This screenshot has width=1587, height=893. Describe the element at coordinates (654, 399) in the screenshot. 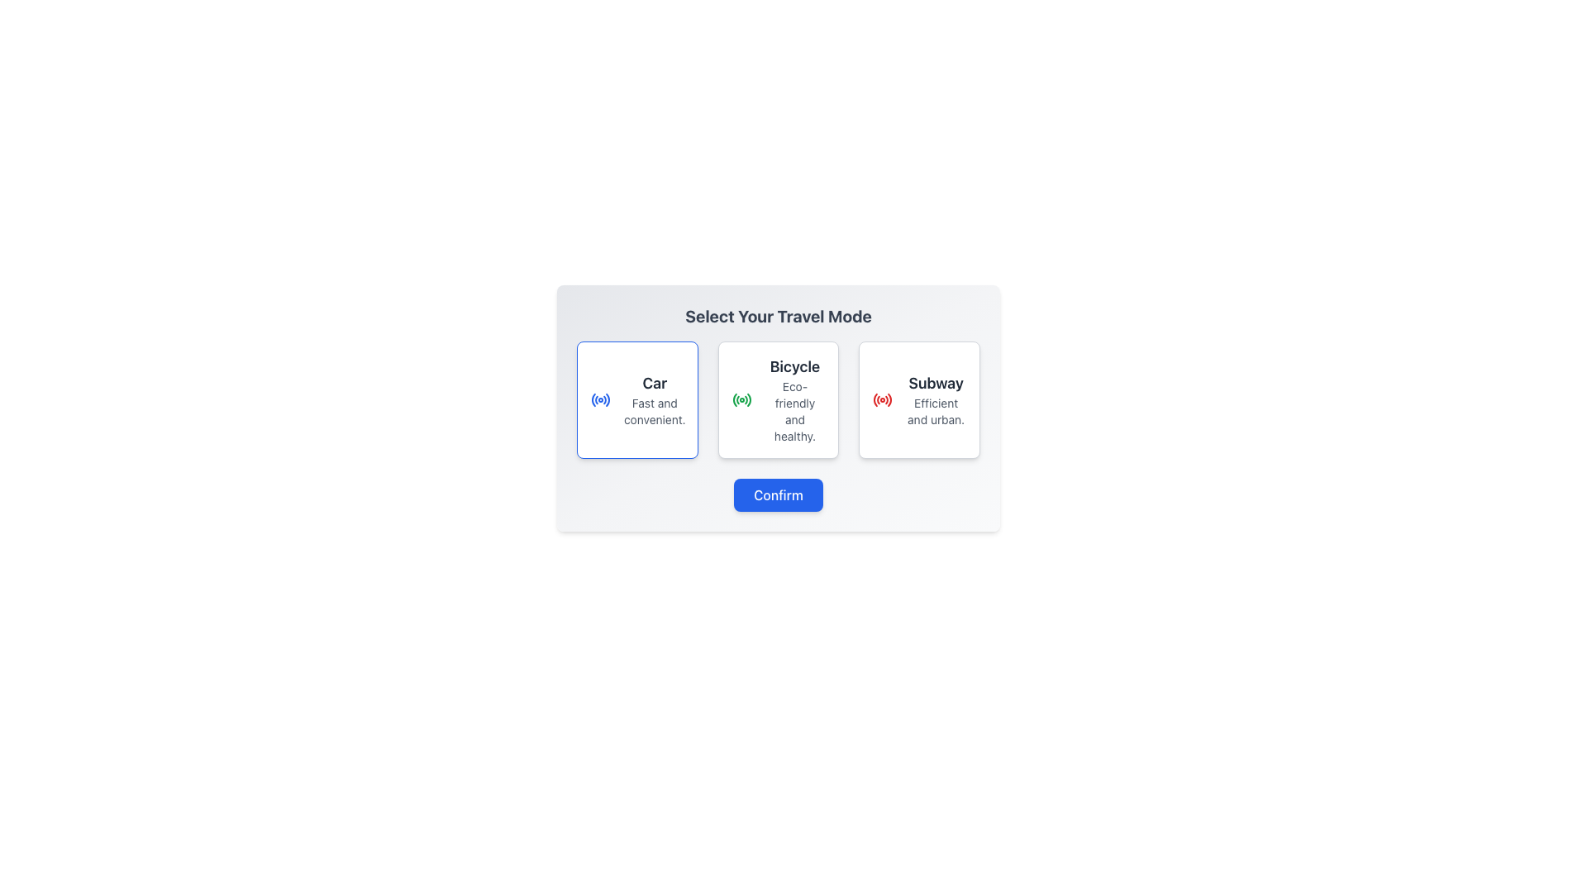

I see `the 'Car' Text Label component` at that location.